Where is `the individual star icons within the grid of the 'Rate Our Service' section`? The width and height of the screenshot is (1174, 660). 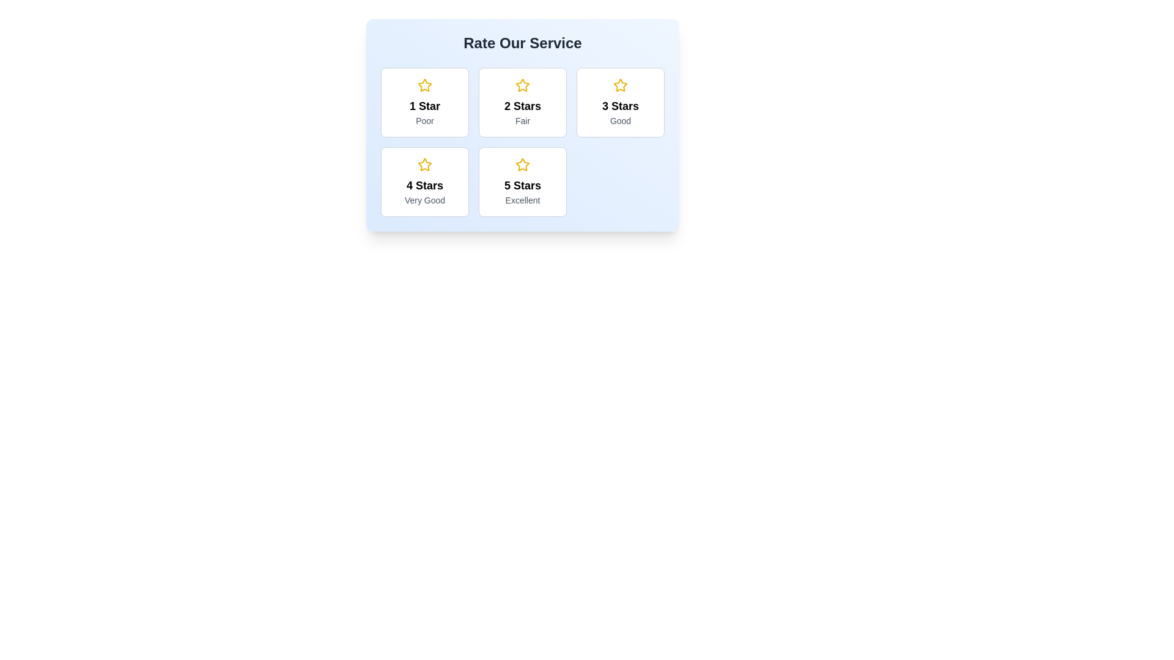 the individual star icons within the grid of the 'Rate Our Service' section is located at coordinates (522, 141).